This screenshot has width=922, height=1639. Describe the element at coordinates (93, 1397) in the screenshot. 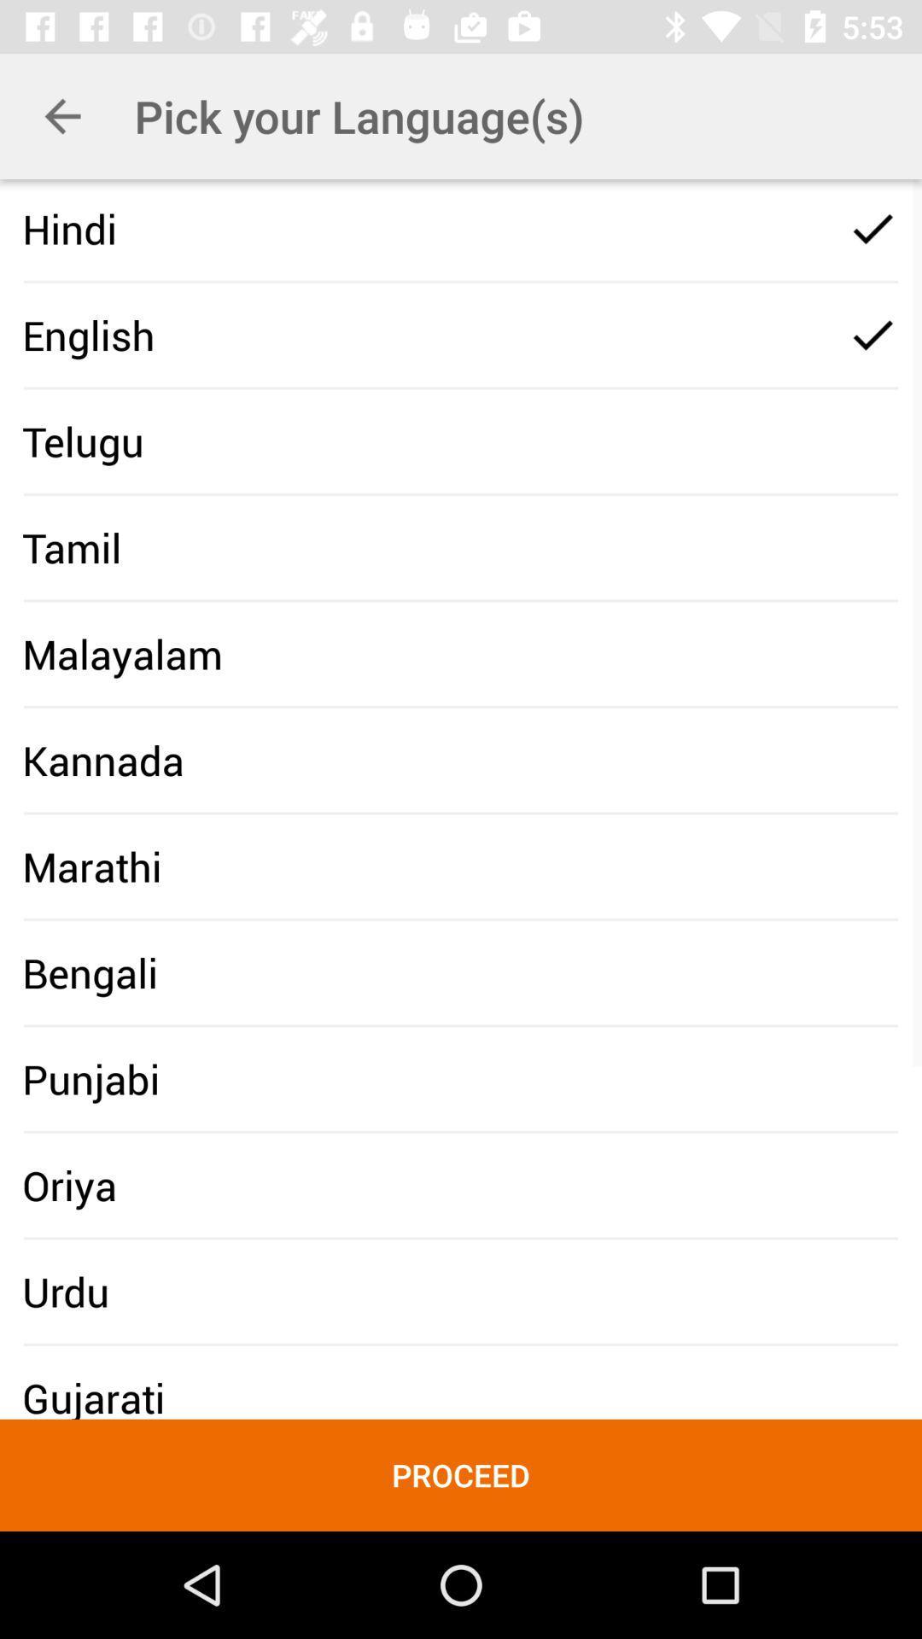

I see `gujarati item` at that location.